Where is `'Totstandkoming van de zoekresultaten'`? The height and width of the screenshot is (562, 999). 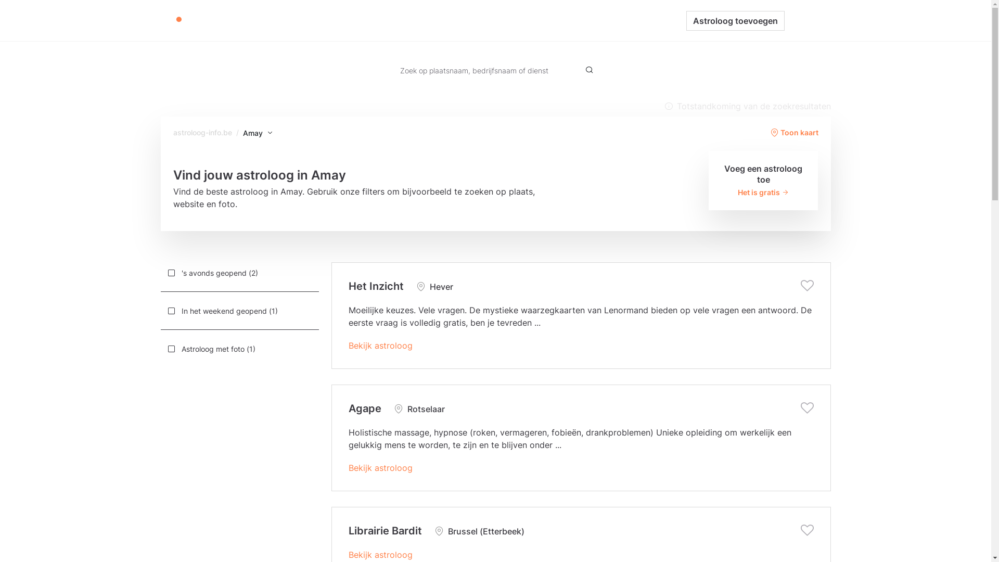
'Totstandkoming van de zoekresultaten' is located at coordinates (746, 106).